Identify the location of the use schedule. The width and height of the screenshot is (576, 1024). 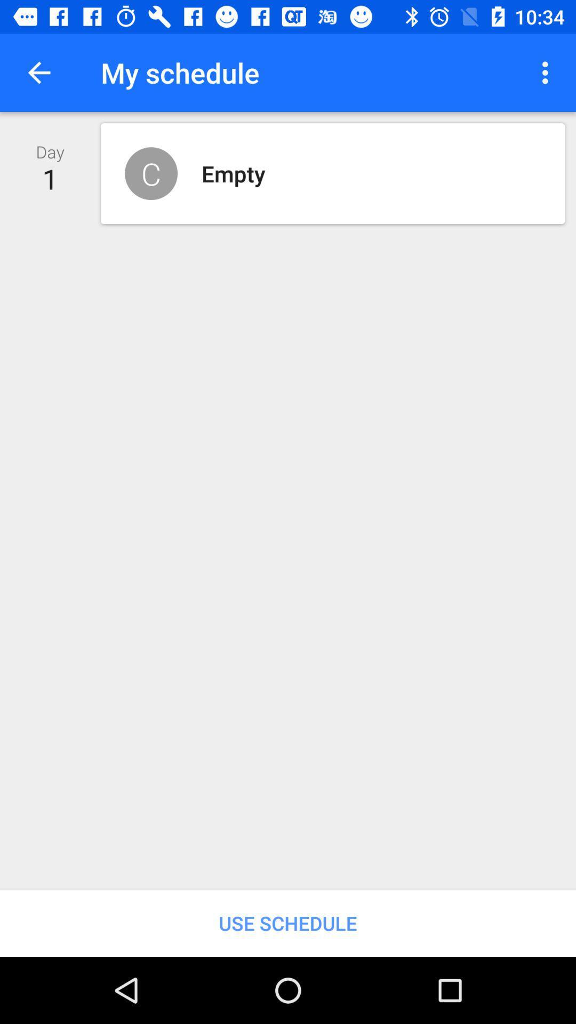
(288, 923).